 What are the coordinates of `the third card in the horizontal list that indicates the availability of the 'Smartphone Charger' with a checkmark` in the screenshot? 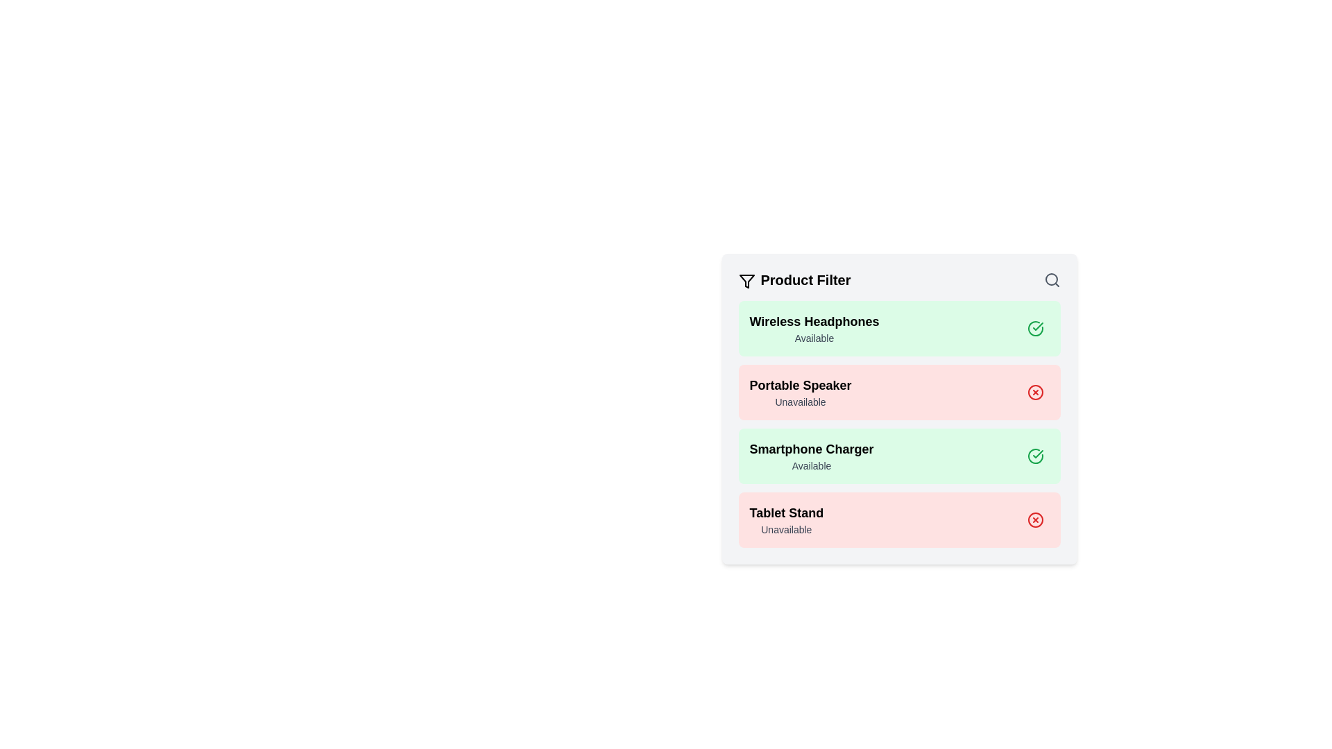 It's located at (899, 456).